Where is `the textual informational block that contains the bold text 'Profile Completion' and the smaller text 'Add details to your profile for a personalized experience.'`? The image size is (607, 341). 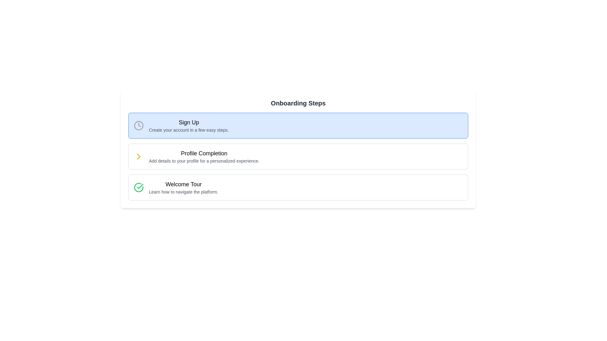
the textual informational block that contains the bold text 'Profile Completion' and the smaller text 'Add details to your profile for a personalized experience.' is located at coordinates (204, 156).